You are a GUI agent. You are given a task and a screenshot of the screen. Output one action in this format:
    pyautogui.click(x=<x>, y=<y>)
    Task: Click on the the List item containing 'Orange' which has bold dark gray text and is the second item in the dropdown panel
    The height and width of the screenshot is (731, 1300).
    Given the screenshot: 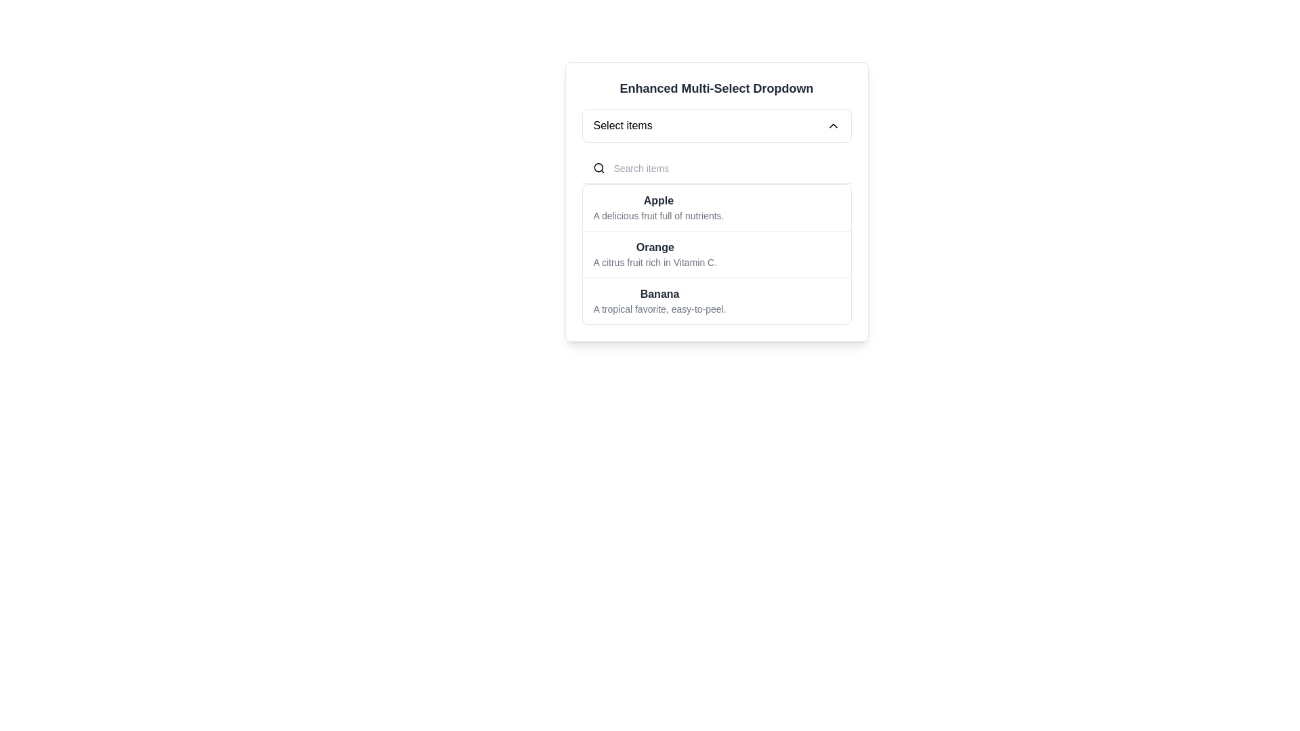 What is the action you would take?
    pyautogui.click(x=655, y=254)
    